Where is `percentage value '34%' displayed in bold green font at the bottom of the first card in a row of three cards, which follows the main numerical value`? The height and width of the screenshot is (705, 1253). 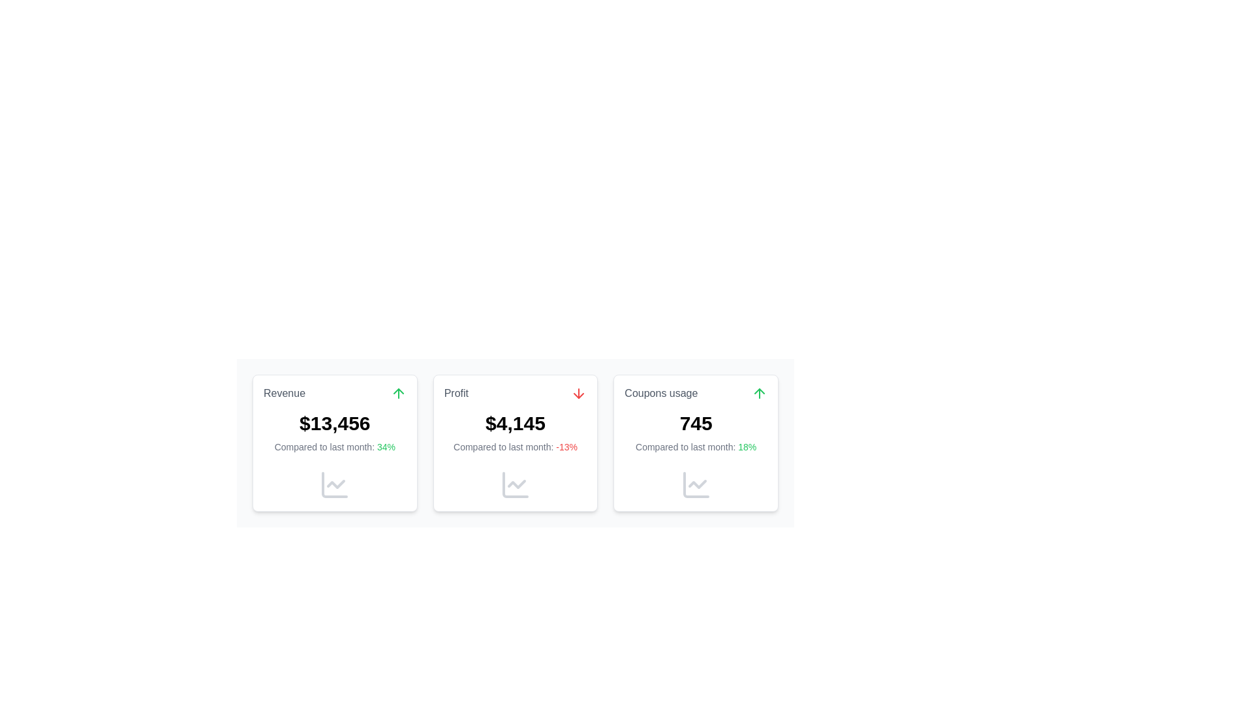
percentage value '34%' displayed in bold green font at the bottom of the first card in a row of three cards, which follows the main numerical value is located at coordinates (385, 446).